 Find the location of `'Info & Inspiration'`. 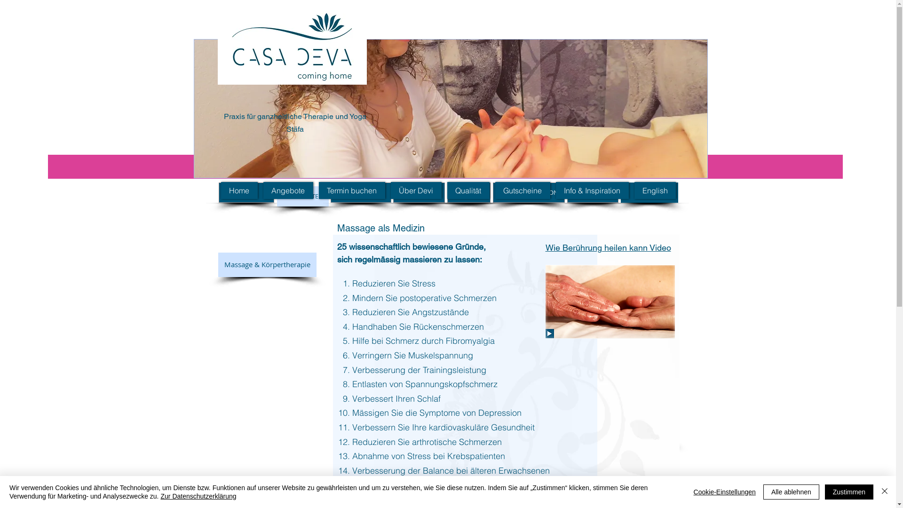

'Info & Inspiration' is located at coordinates (592, 190).